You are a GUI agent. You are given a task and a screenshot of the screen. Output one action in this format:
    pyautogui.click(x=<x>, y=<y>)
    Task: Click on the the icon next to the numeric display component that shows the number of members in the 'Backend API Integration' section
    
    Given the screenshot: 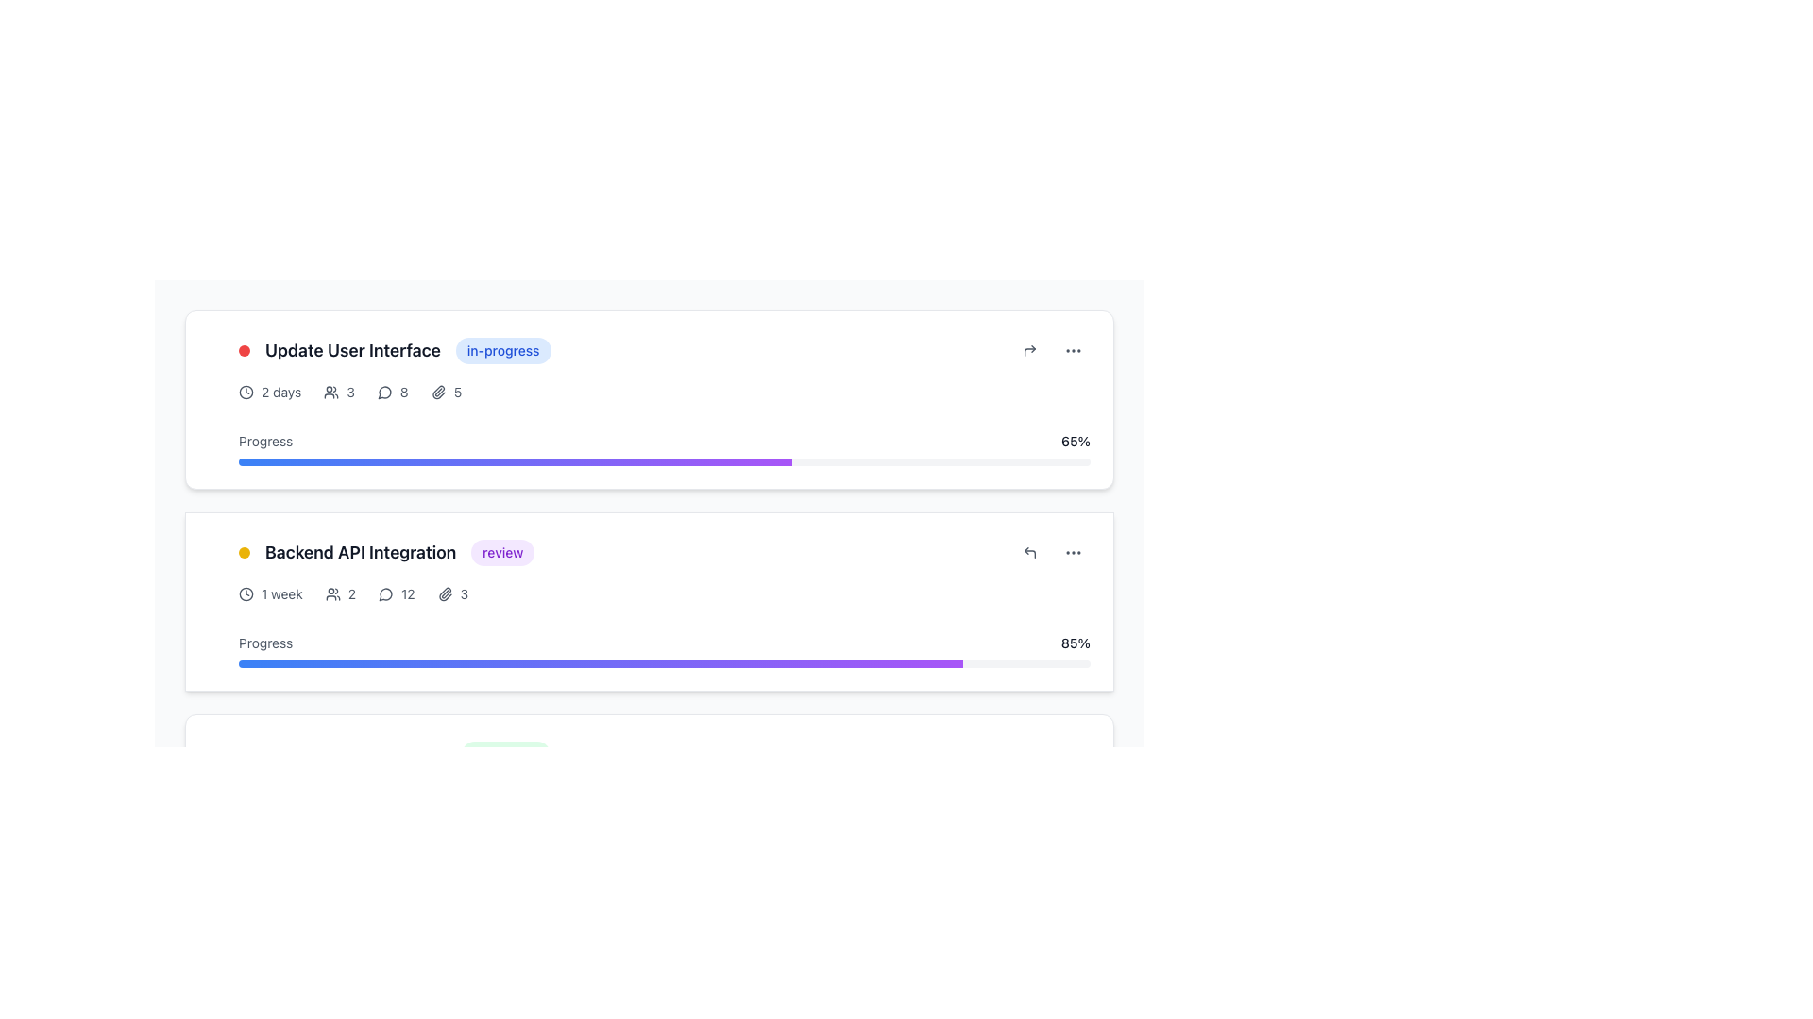 What is the action you would take?
    pyautogui.click(x=340, y=593)
    